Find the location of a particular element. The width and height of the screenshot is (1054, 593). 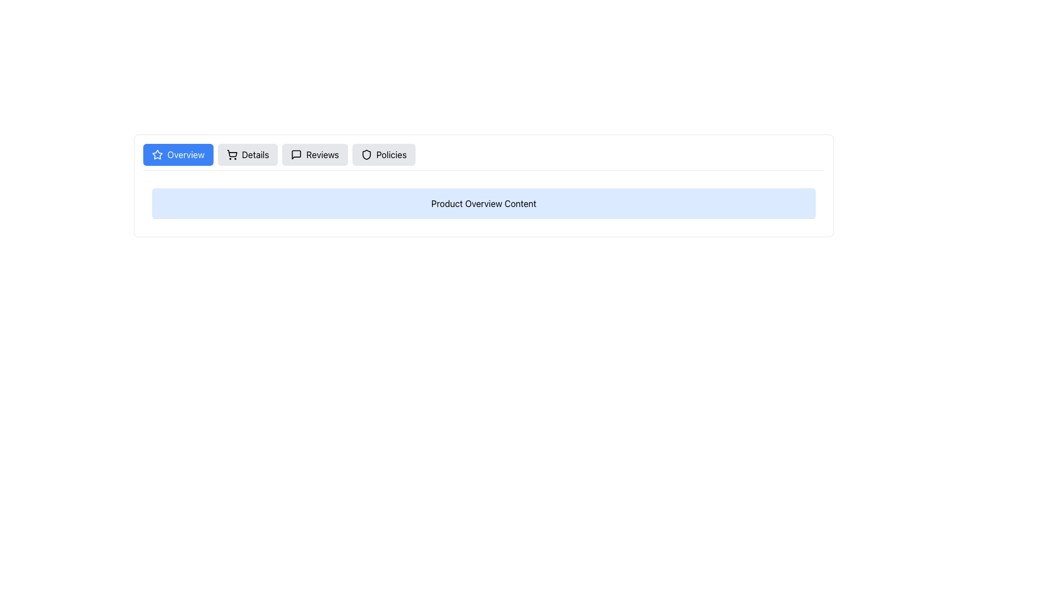

the shield-shaped icon within the 'Policies' segment of the navigation bar is located at coordinates (366, 154).